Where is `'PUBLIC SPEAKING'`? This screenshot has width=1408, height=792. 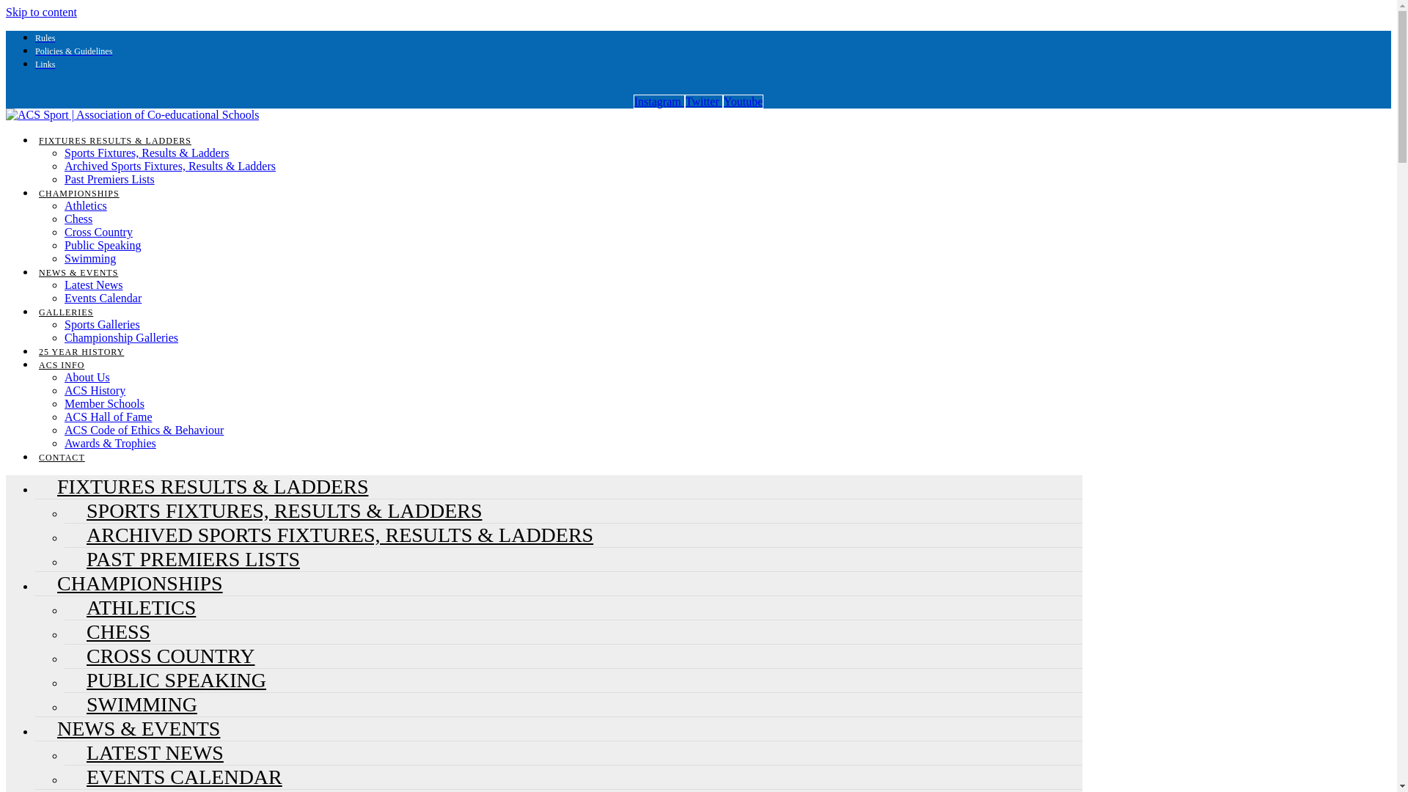
'PUBLIC SPEAKING' is located at coordinates (165, 680).